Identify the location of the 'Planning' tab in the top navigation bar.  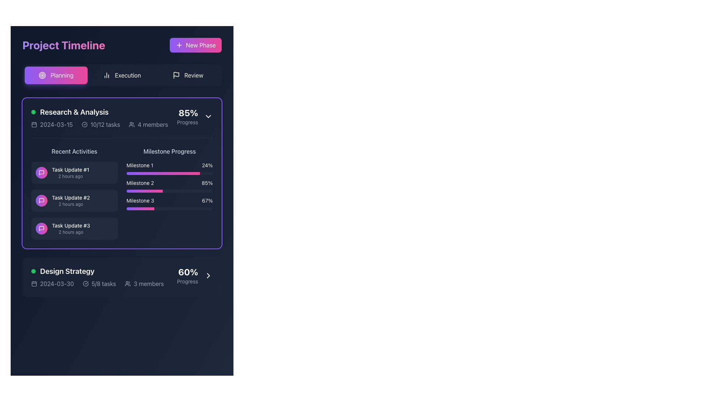
(62, 75).